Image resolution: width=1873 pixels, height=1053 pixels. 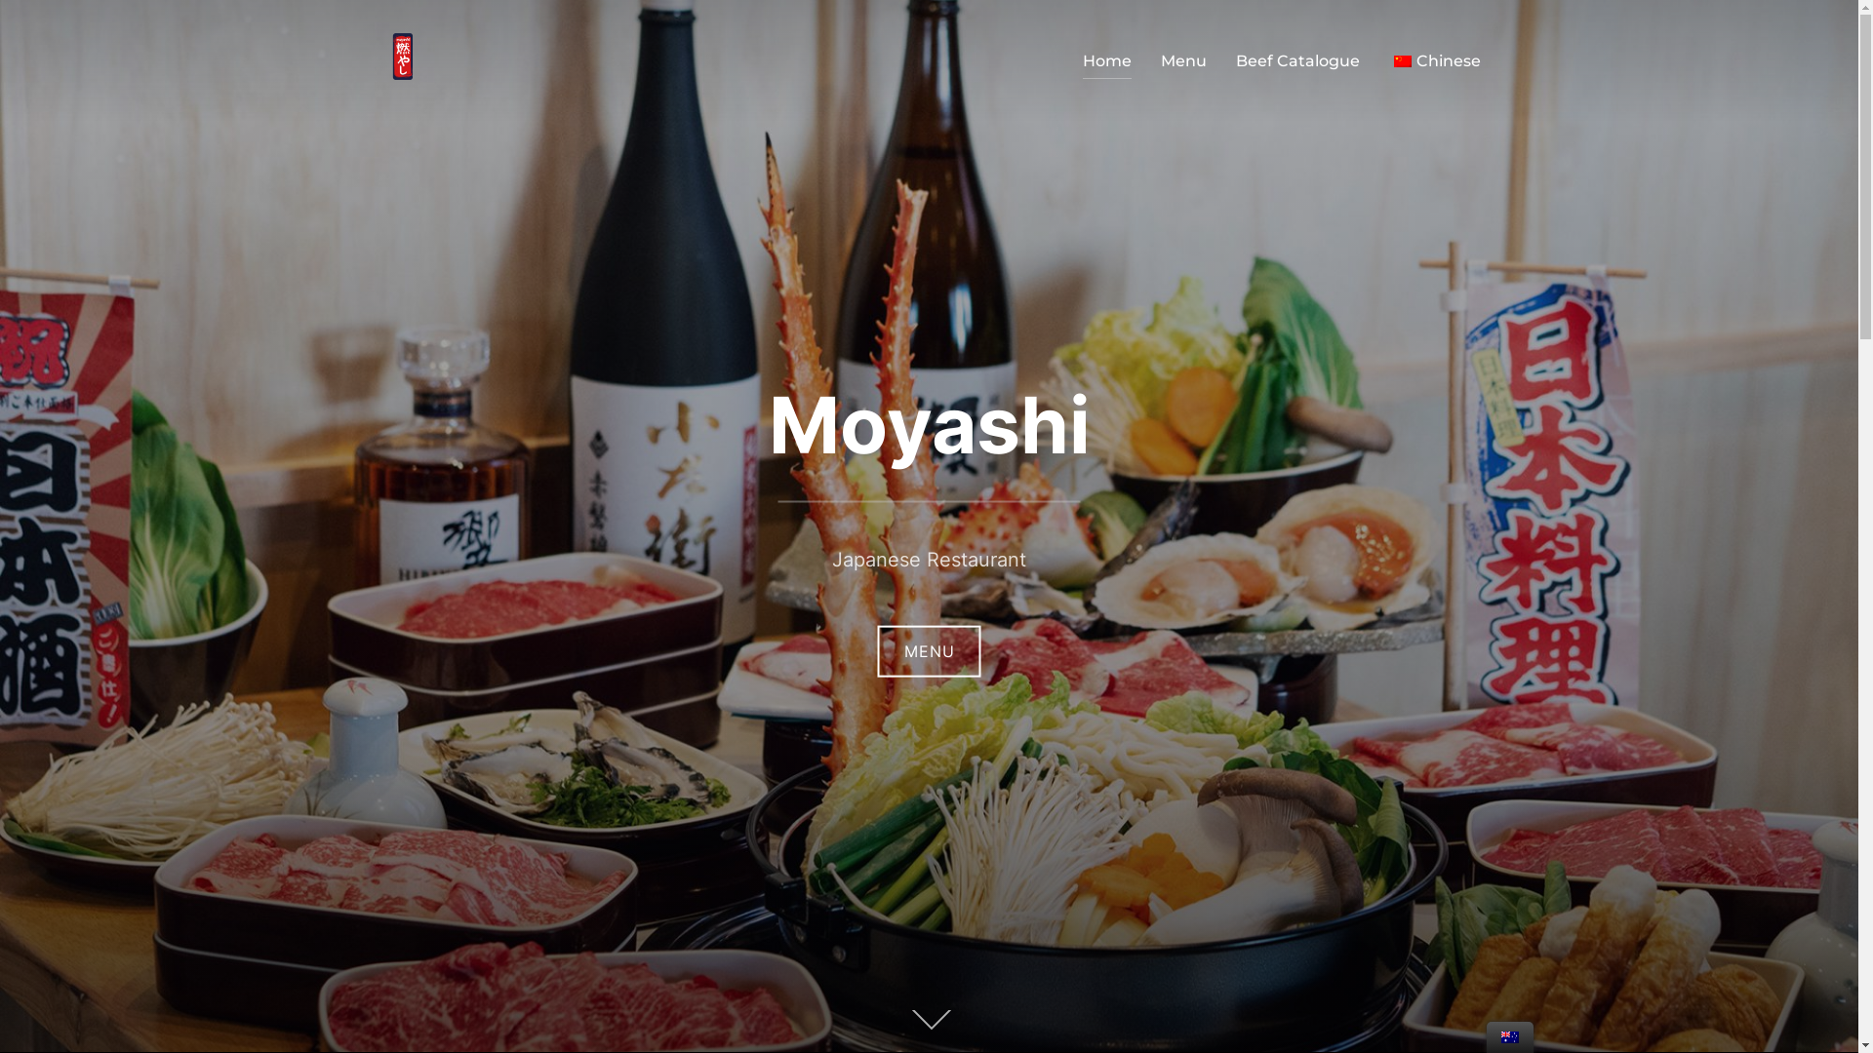 I want to click on 'Beef Catalogue', so click(x=1296, y=59).